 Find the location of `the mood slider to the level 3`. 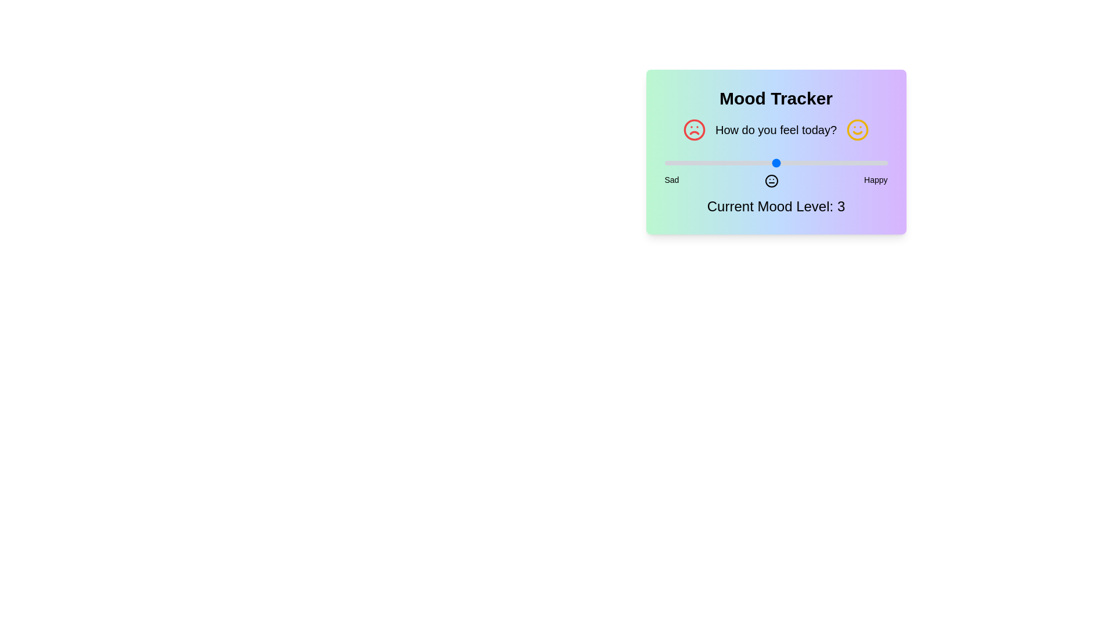

the mood slider to the level 3 is located at coordinates (776, 163).